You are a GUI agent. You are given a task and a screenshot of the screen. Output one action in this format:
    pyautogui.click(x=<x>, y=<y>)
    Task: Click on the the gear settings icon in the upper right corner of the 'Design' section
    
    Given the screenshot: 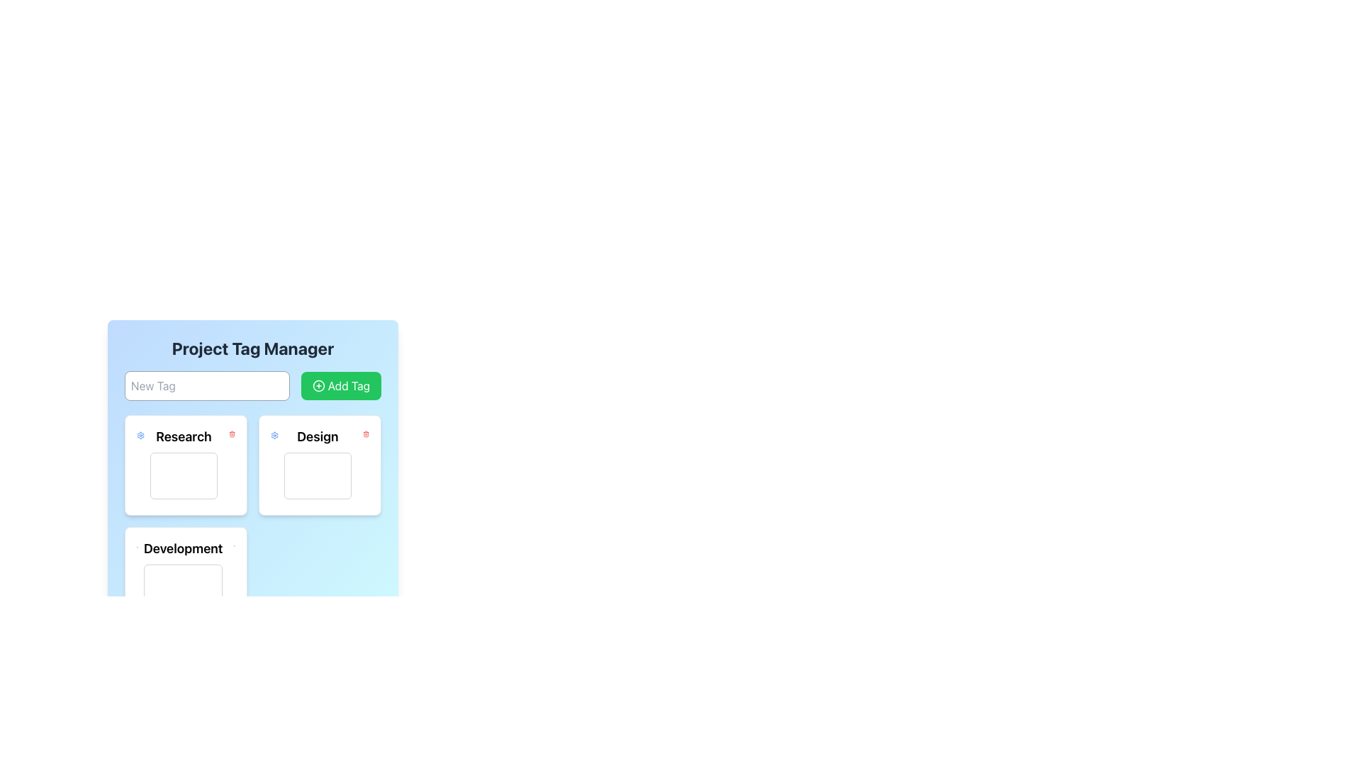 What is the action you would take?
    pyautogui.click(x=274, y=434)
    